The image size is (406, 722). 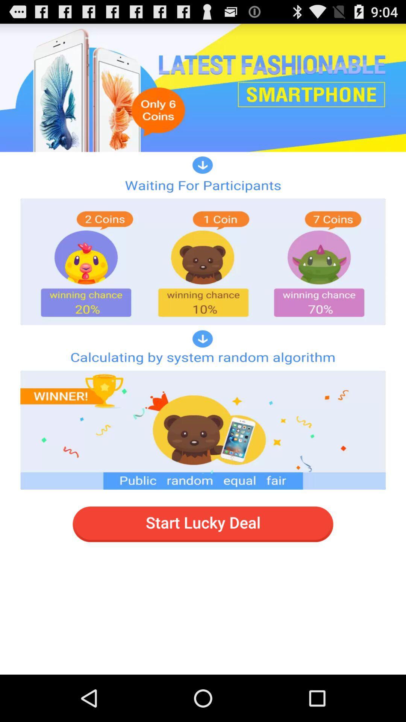 I want to click on the share icon, so click(x=355, y=223).